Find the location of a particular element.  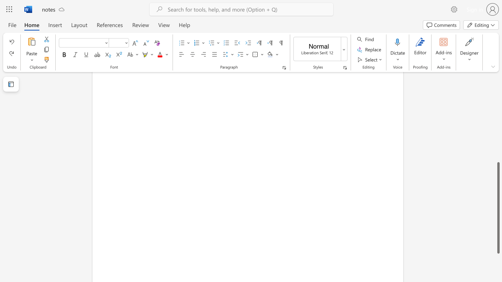

the scrollbar to move the page up is located at coordinates (498, 114).